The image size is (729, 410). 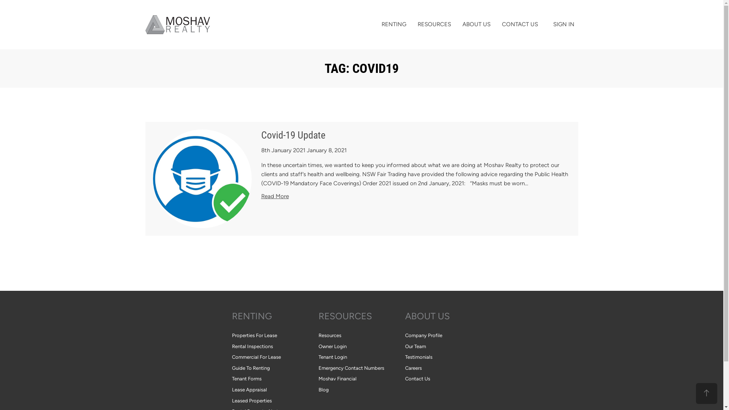 What do you see at coordinates (318, 368) in the screenshot?
I see `'Emergency Contact Numbers'` at bounding box center [318, 368].